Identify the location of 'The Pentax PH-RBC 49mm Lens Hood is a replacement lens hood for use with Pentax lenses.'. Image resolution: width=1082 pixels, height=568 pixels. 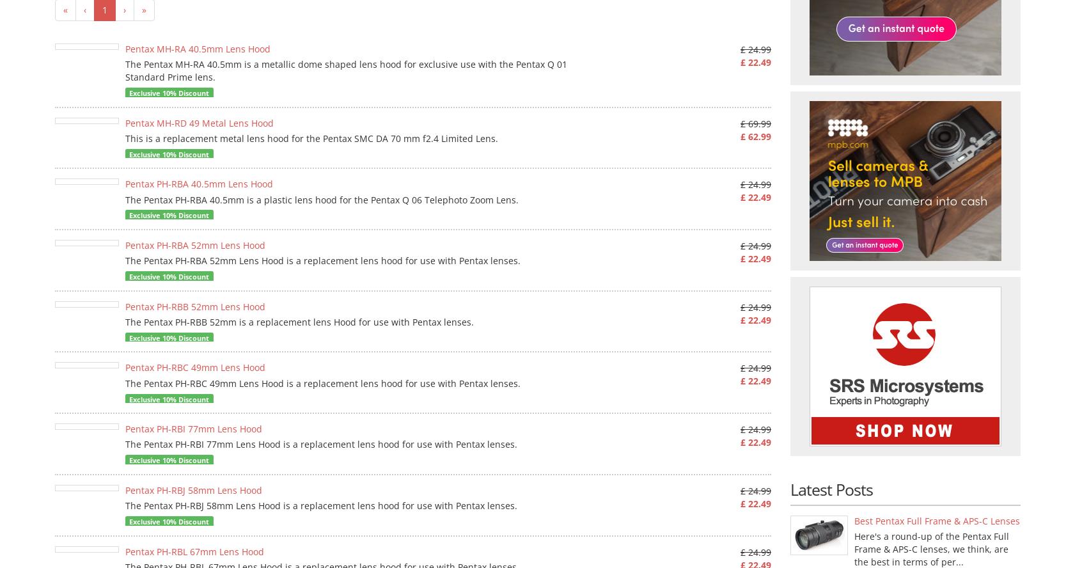
(323, 383).